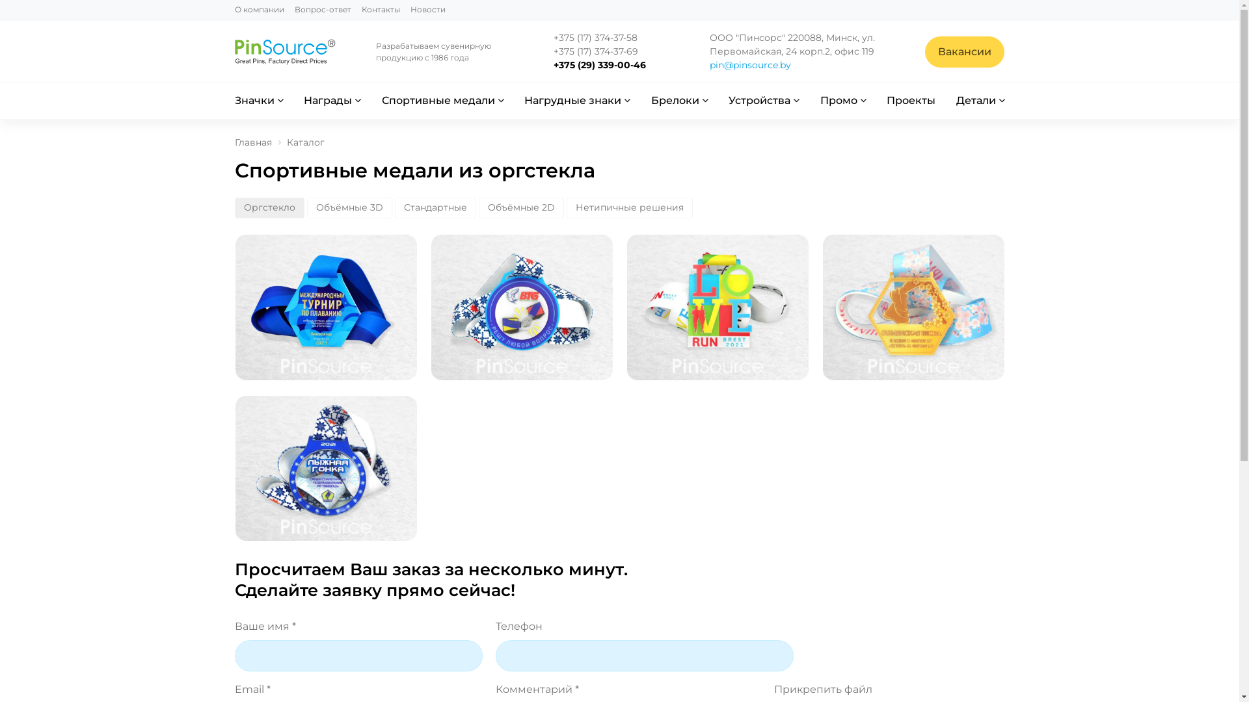 This screenshot has width=1249, height=702. Describe the element at coordinates (553, 37) in the screenshot. I see `'+375 (17) 374-37-58'` at that location.